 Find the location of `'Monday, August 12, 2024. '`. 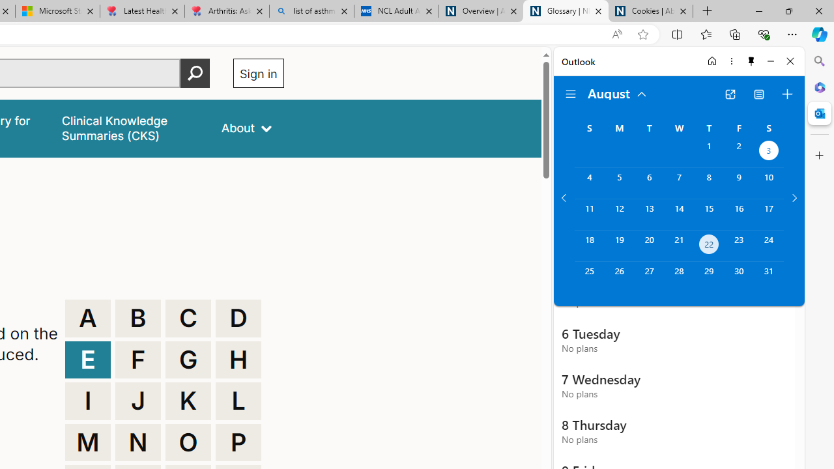

'Monday, August 12, 2024. ' is located at coordinates (618, 214).